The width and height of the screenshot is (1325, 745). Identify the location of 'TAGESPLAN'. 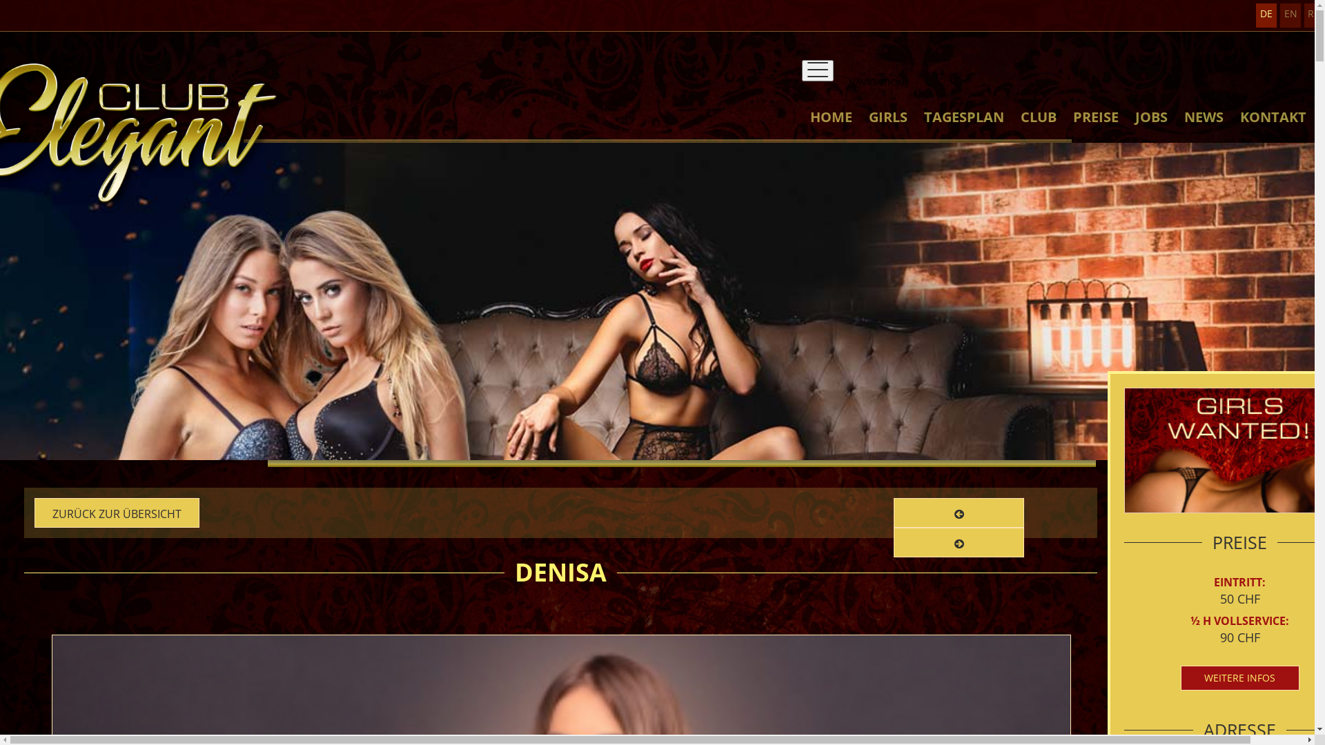
(963, 130).